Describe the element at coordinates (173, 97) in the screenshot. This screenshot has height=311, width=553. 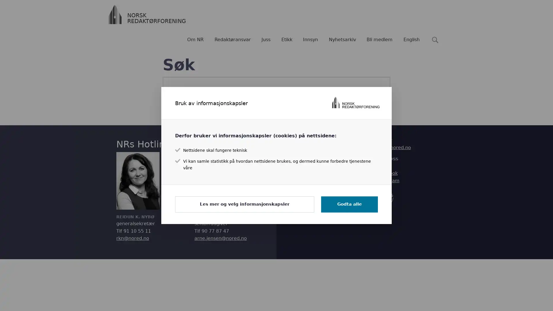
I see `Sk` at that location.